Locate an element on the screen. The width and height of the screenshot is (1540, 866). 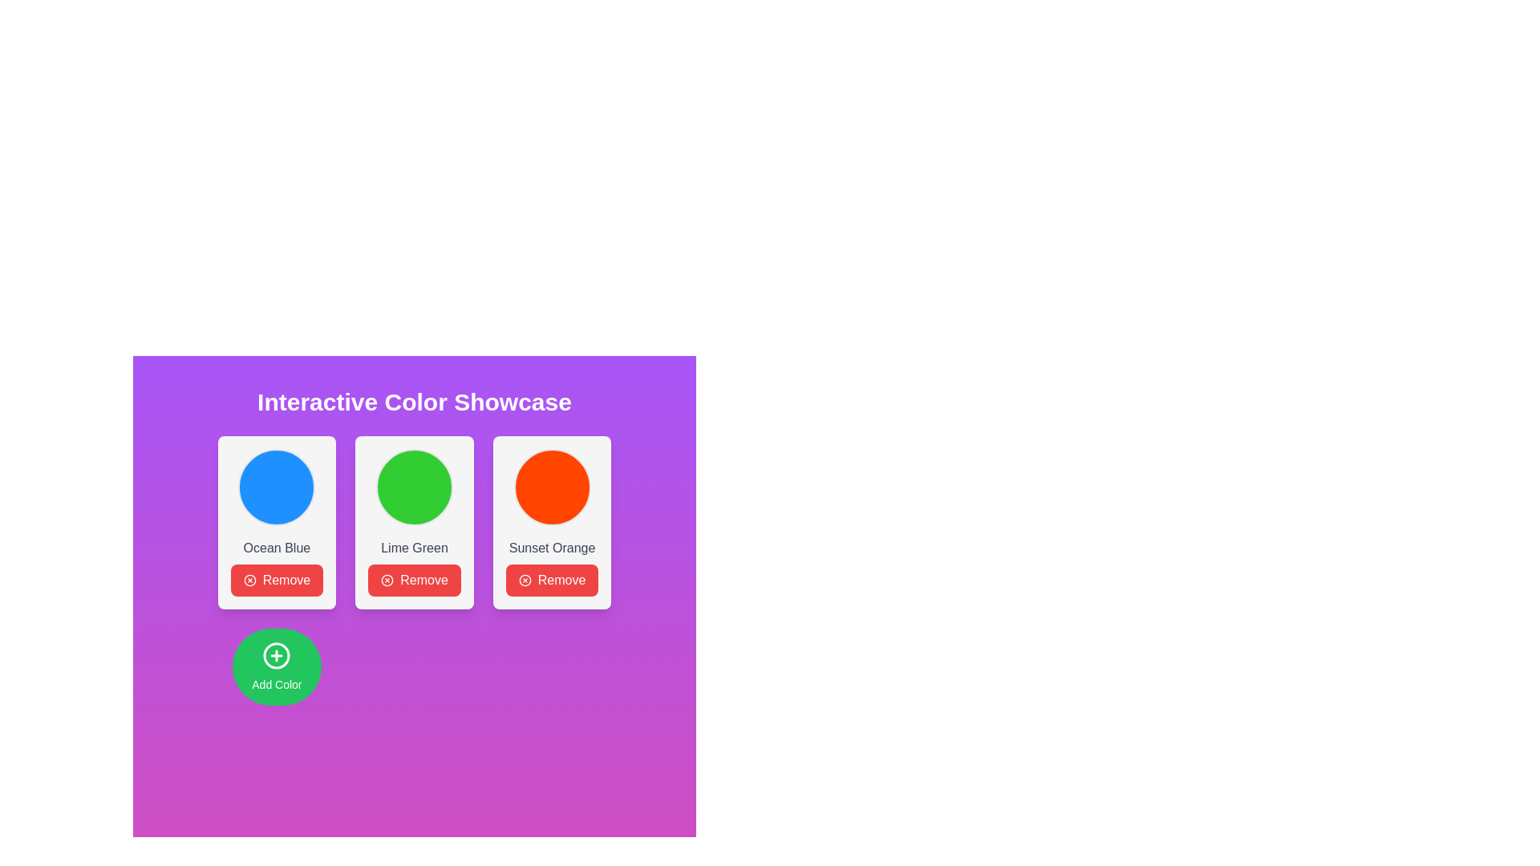
the delete button located below the 'Sunset Orange' label and circular color indicator in the third card of the horizontally aligned row of cards is located at coordinates (552, 581).